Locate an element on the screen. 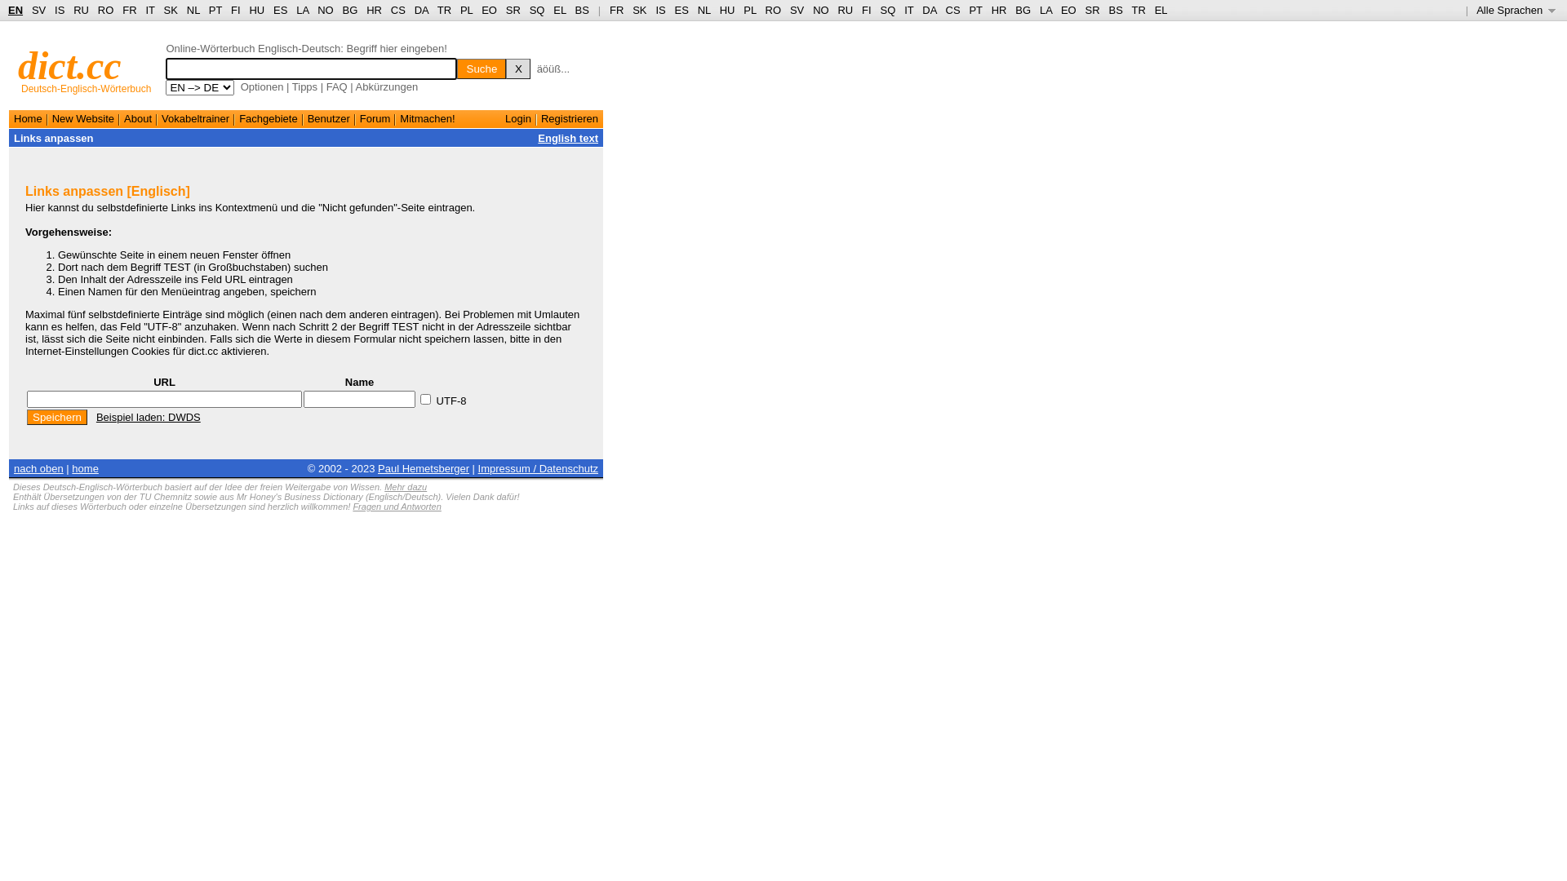 The width and height of the screenshot is (1567, 881). 'About' is located at coordinates (137, 117).